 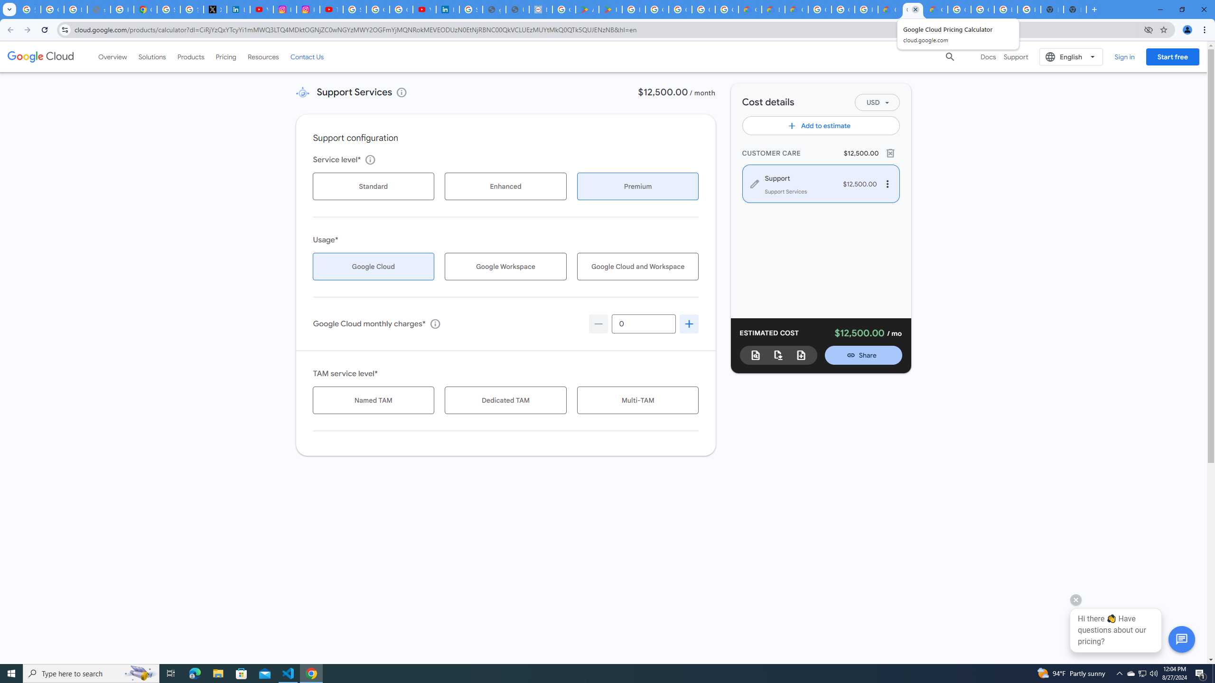 What do you see at coordinates (1172, 56) in the screenshot?
I see `'Start free'` at bounding box center [1172, 56].